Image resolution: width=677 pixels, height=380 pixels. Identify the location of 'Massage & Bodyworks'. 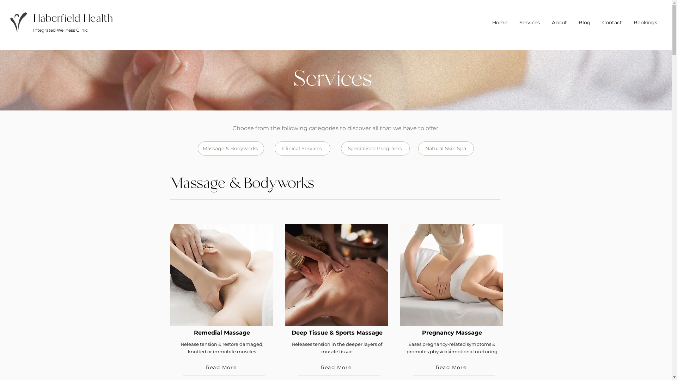
(230, 148).